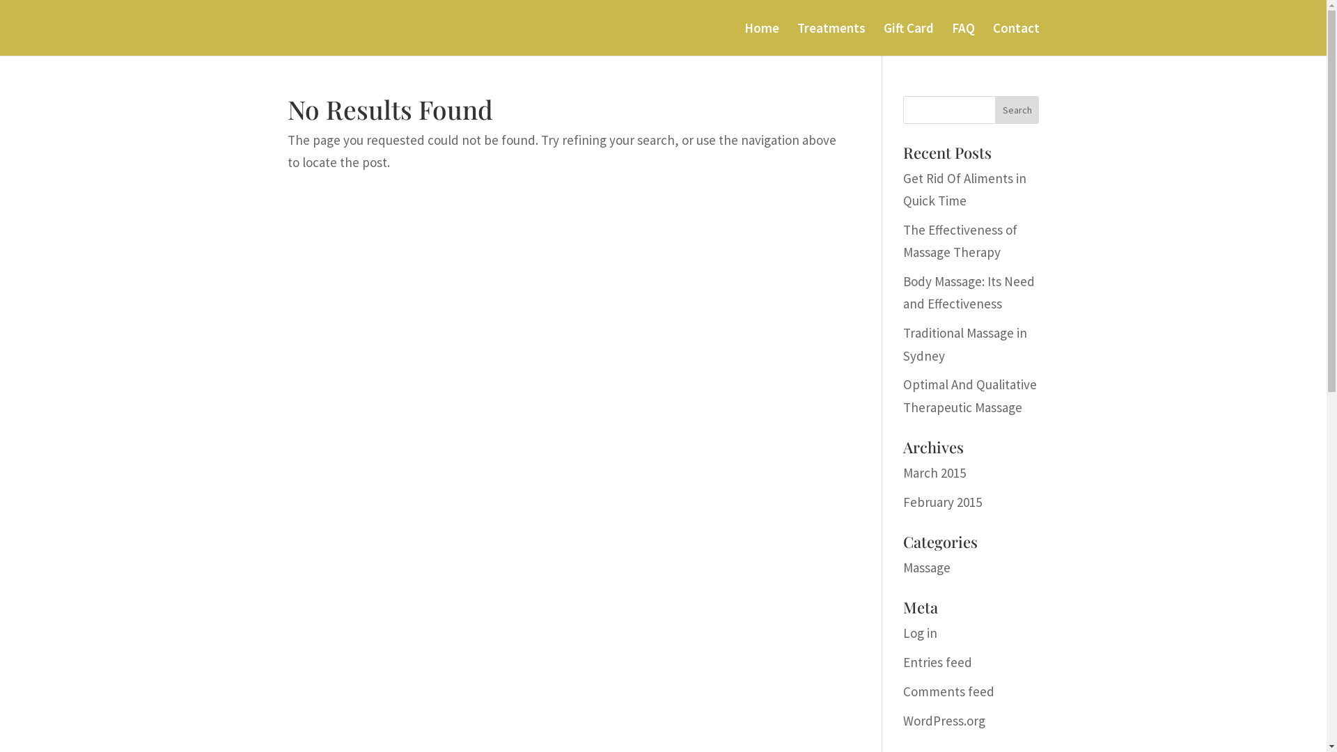  I want to click on 'Search', so click(1017, 109).